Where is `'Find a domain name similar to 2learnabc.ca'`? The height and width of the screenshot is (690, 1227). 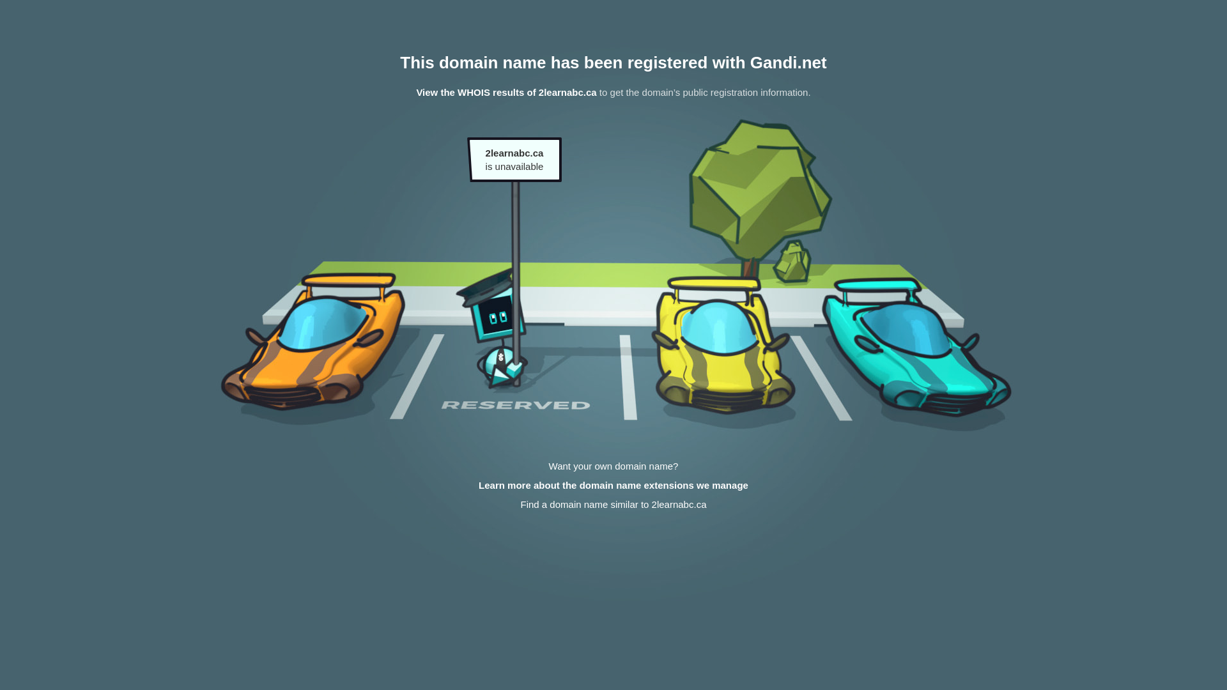 'Find a domain name similar to 2learnabc.ca' is located at coordinates (612, 503).